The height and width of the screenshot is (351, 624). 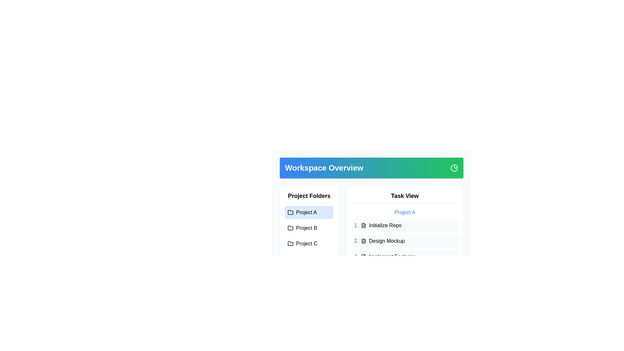 I want to click on the text label that serves as an index marker for the task, positioned in the second row of the 'Task View' pane, immediately to the left of the task title 'Design Mockup', so click(x=356, y=241).